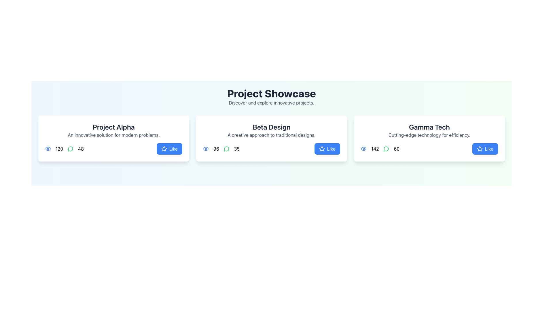 Image resolution: width=553 pixels, height=311 pixels. Describe the element at coordinates (485, 148) in the screenshot. I see `the 'like' button in the 'Gamma Tech' section` at that location.